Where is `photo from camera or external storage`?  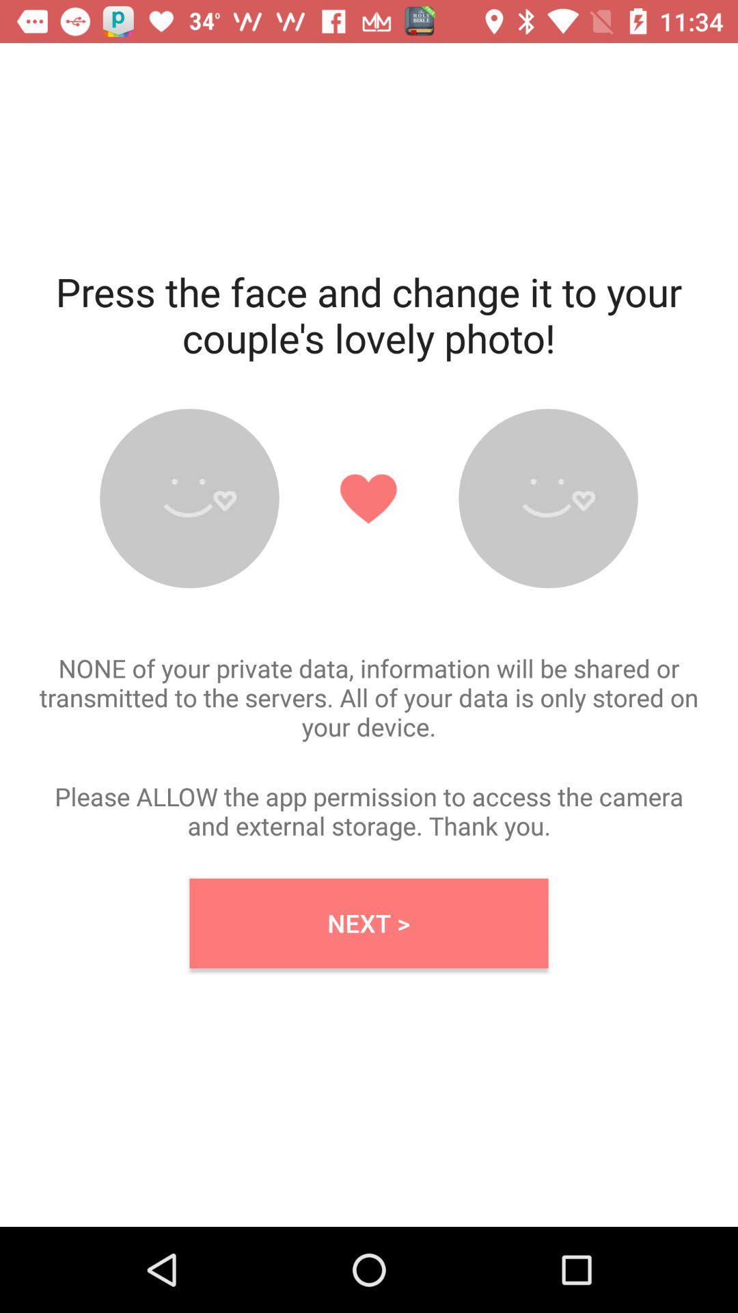
photo from camera or external storage is located at coordinates (189, 498).